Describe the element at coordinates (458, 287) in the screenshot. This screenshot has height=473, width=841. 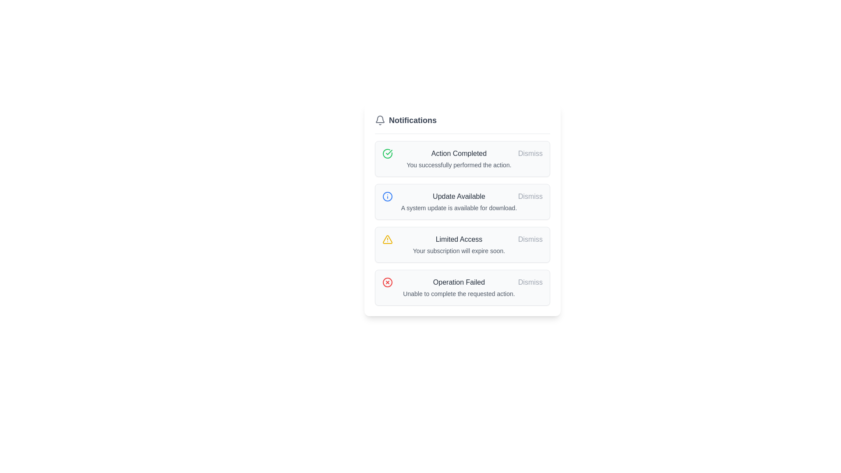
I see `the static text block that informs users about an unsuccessful operation, located in the fourth notification card, below the icon and to the left of the 'Dismiss' button` at that location.